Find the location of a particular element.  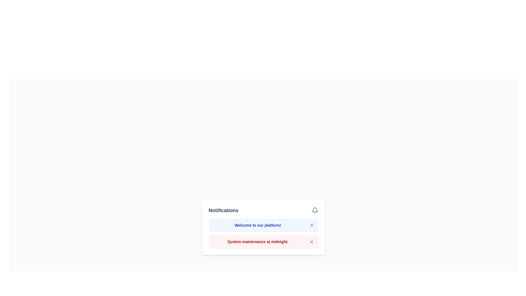

the bell-shaped icon outlined in gray, located to the right of the 'Notifications' title text is located at coordinates (315, 210).